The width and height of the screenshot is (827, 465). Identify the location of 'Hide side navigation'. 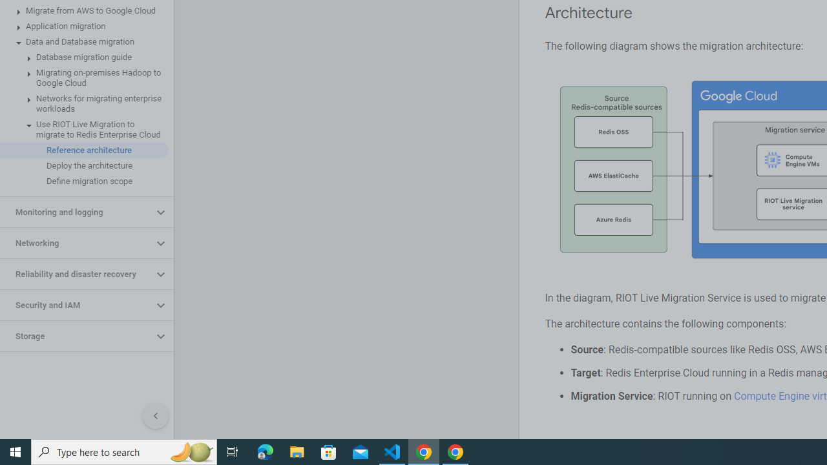
(155, 416).